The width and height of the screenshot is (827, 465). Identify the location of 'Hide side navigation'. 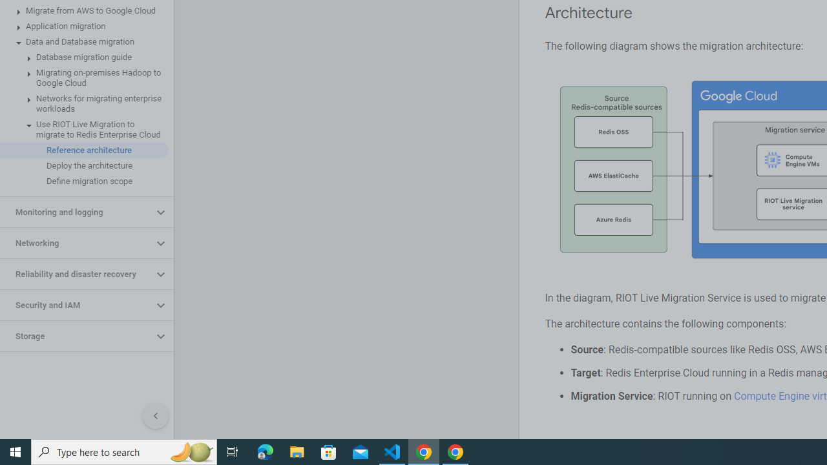
(155, 416).